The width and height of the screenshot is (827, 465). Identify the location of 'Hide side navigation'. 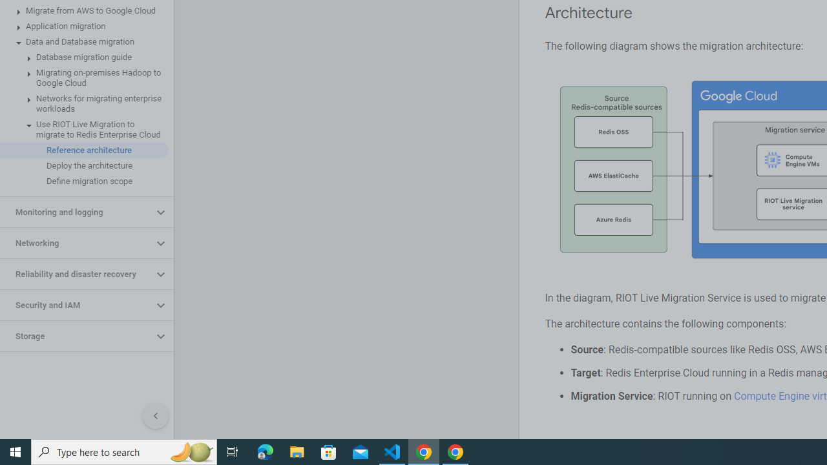
(155, 416).